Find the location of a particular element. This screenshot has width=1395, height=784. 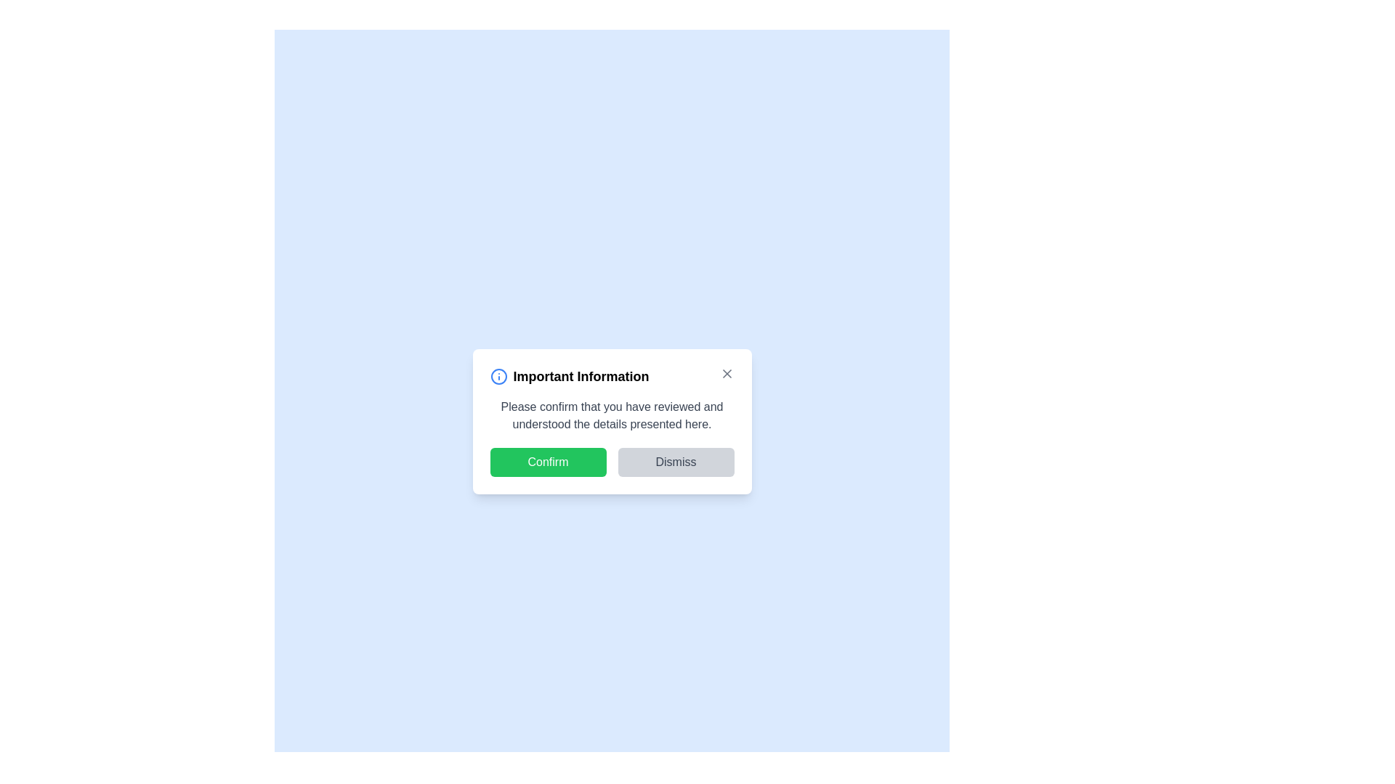

the important information icon located at the leftmost end of the header section of the modal is located at coordinates (498, 376).